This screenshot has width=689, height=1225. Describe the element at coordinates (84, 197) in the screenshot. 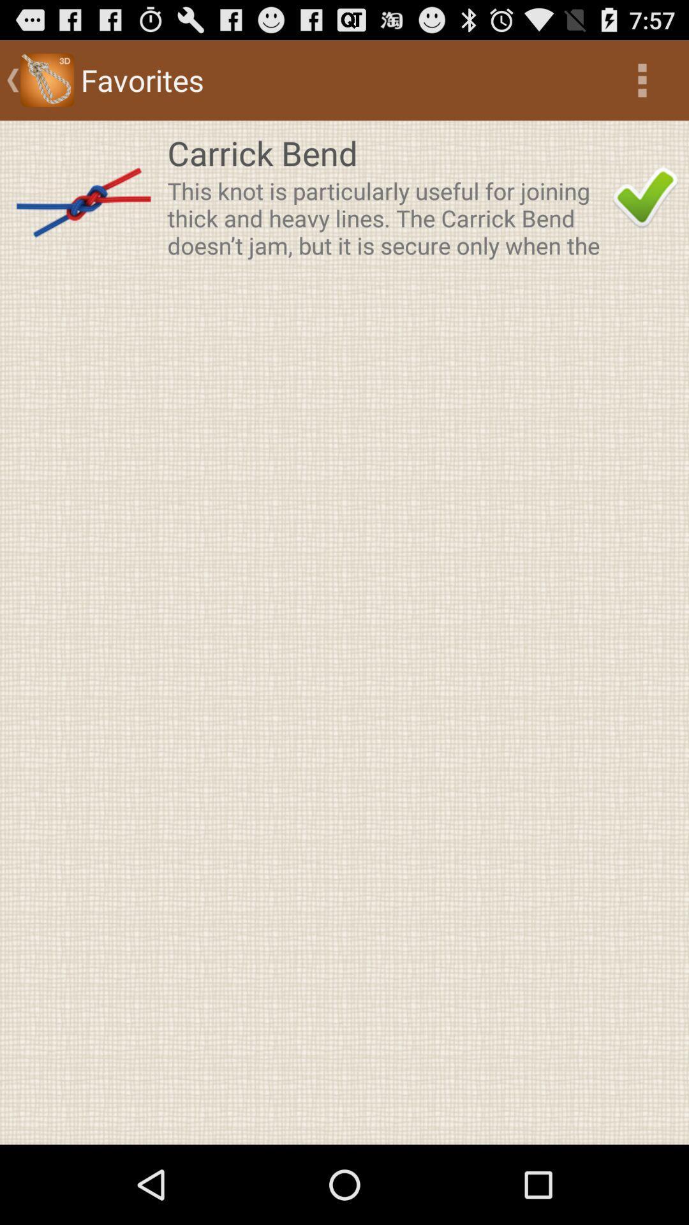

I see `icon to the left of the carrick bend icon` at that location.